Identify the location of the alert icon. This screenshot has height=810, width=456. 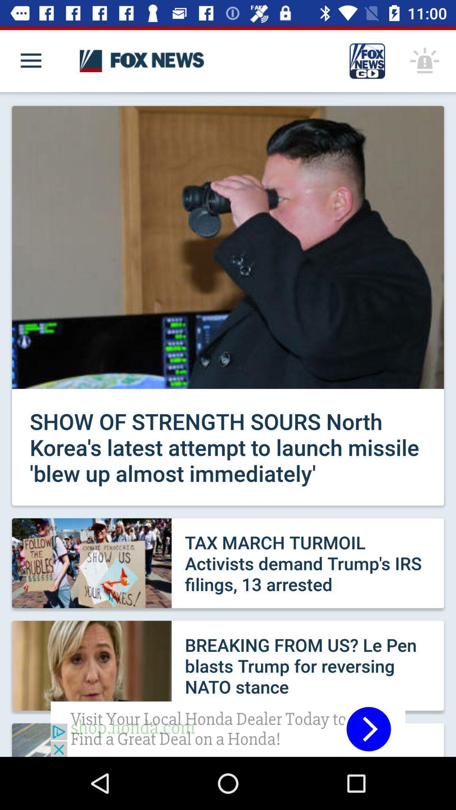
(425, 60).